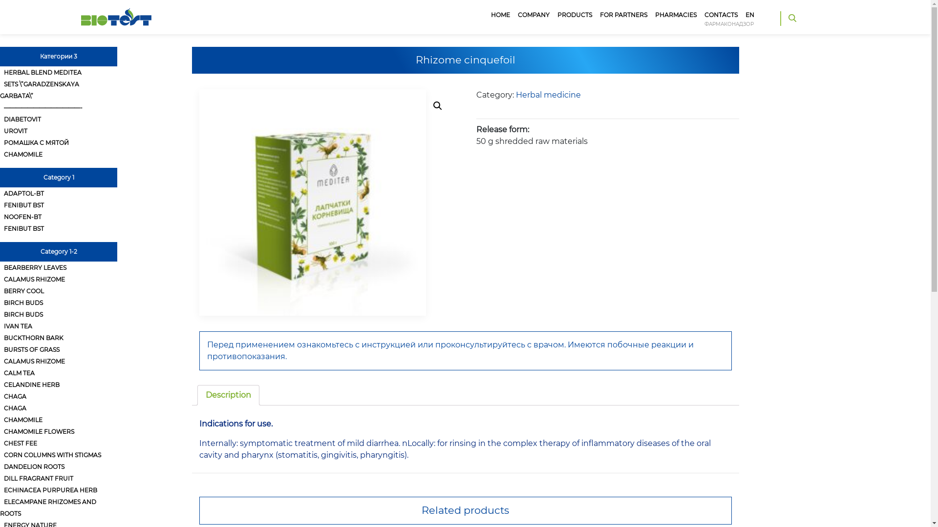 The image size is (938, 527). What do you see at coordinates (50, 490) in the screenshot?
I see `'ECHINACEA PURPUREA HERB'` at bounding box center [50, 490].